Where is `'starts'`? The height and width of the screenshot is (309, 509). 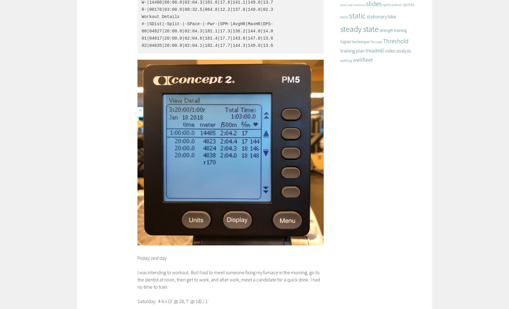
'starts' is located at coordinates (344, 17).